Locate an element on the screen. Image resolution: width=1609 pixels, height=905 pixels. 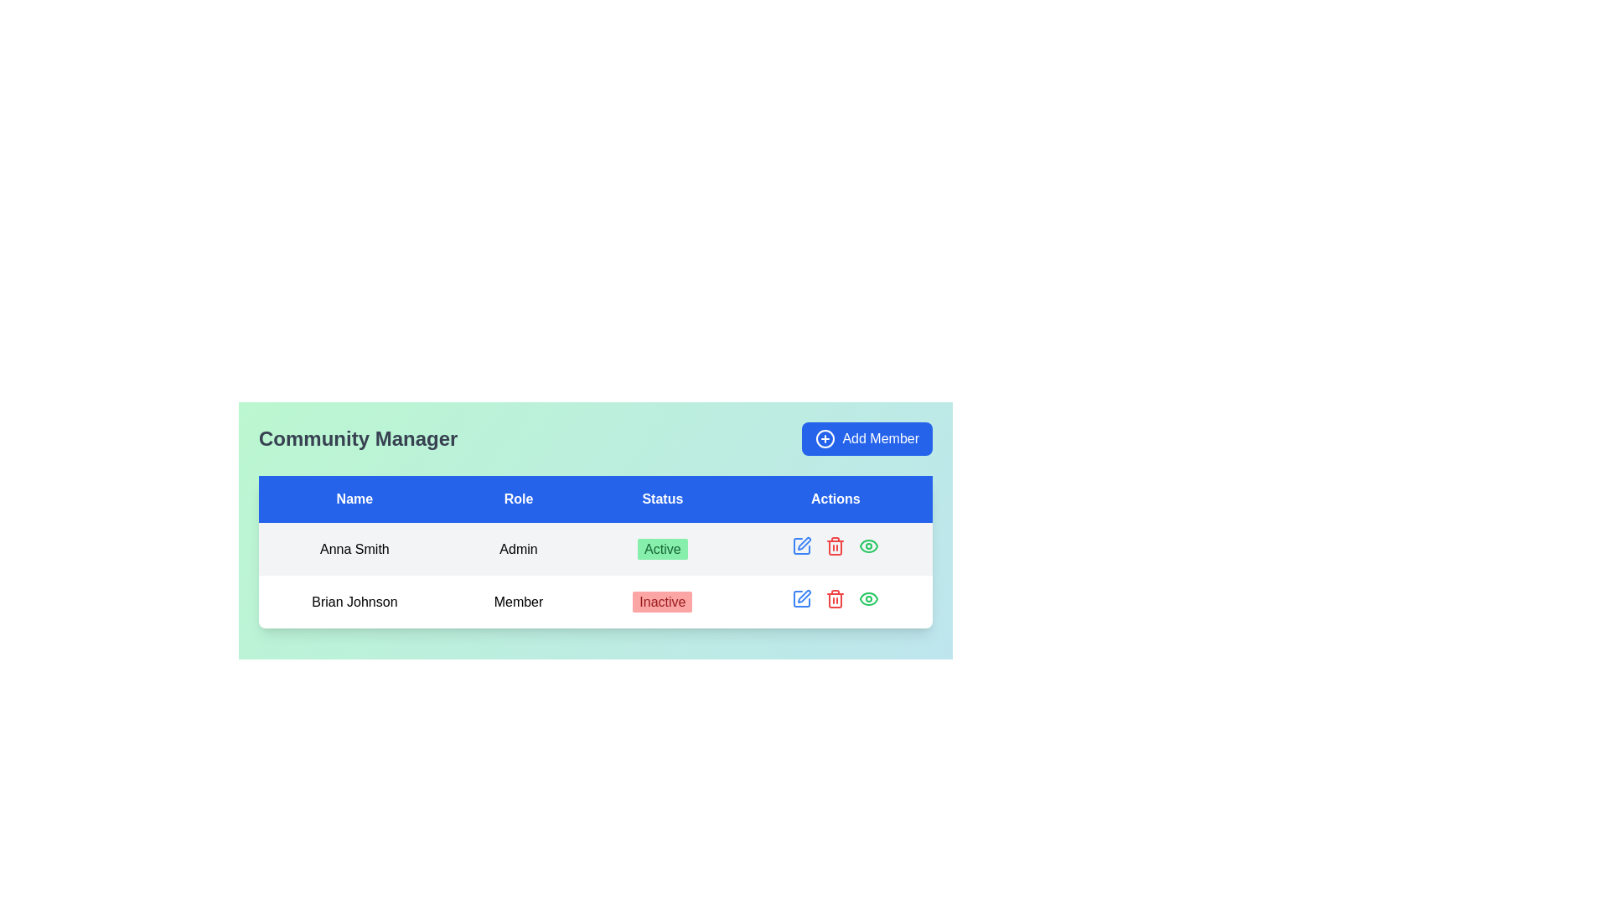
the pen icon with a square outline in the 'Actions' column of the 'Community Manager' table for the user 'Brian Johnson' is located at coordinates (801, 546).